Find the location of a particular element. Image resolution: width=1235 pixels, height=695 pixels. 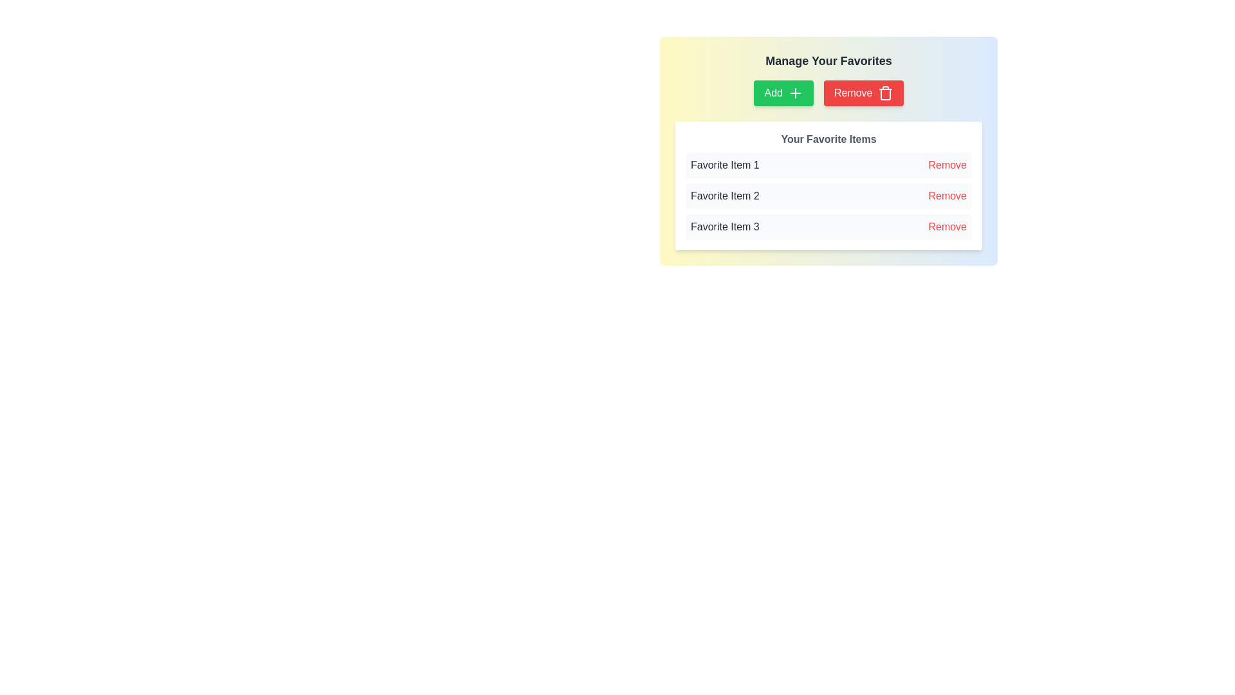

the interactive text button that allows the user to remove a favorite item from the list, located in the first row under 'Your Favorite Items', aligned to the right-hand side is located at coordinates (947, 165).